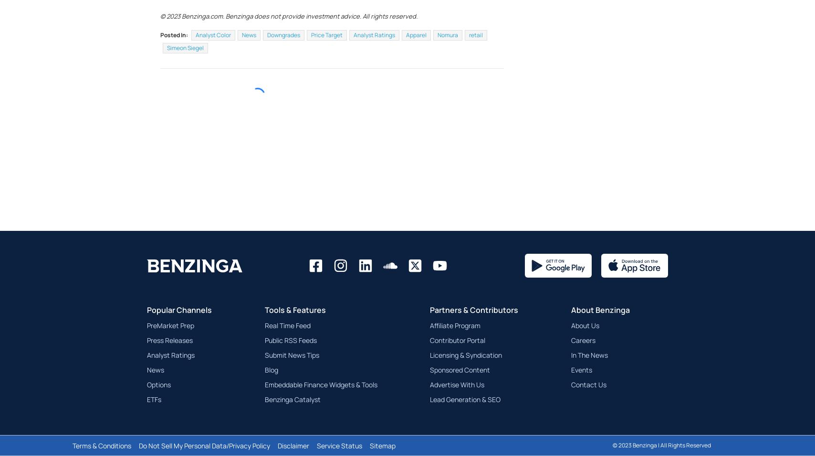  I want to click on 'Downgrades', so click(283, 58).